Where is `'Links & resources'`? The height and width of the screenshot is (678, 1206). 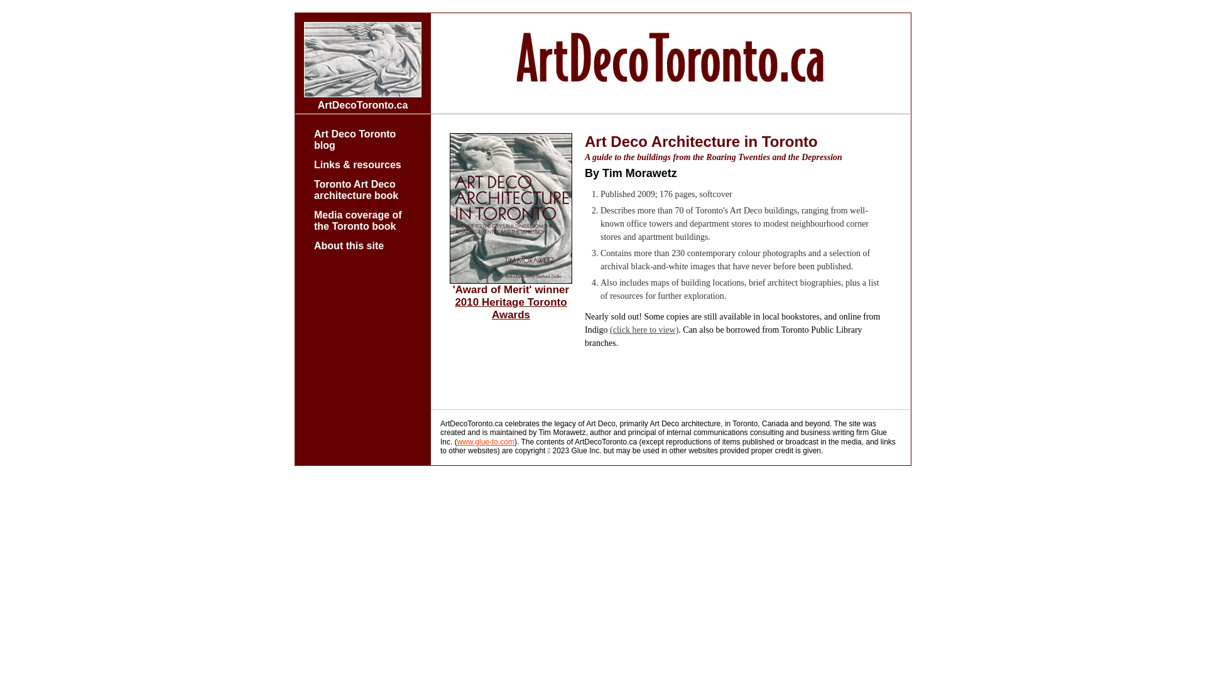
'Links & resources' is located at coordinates (357, 163).